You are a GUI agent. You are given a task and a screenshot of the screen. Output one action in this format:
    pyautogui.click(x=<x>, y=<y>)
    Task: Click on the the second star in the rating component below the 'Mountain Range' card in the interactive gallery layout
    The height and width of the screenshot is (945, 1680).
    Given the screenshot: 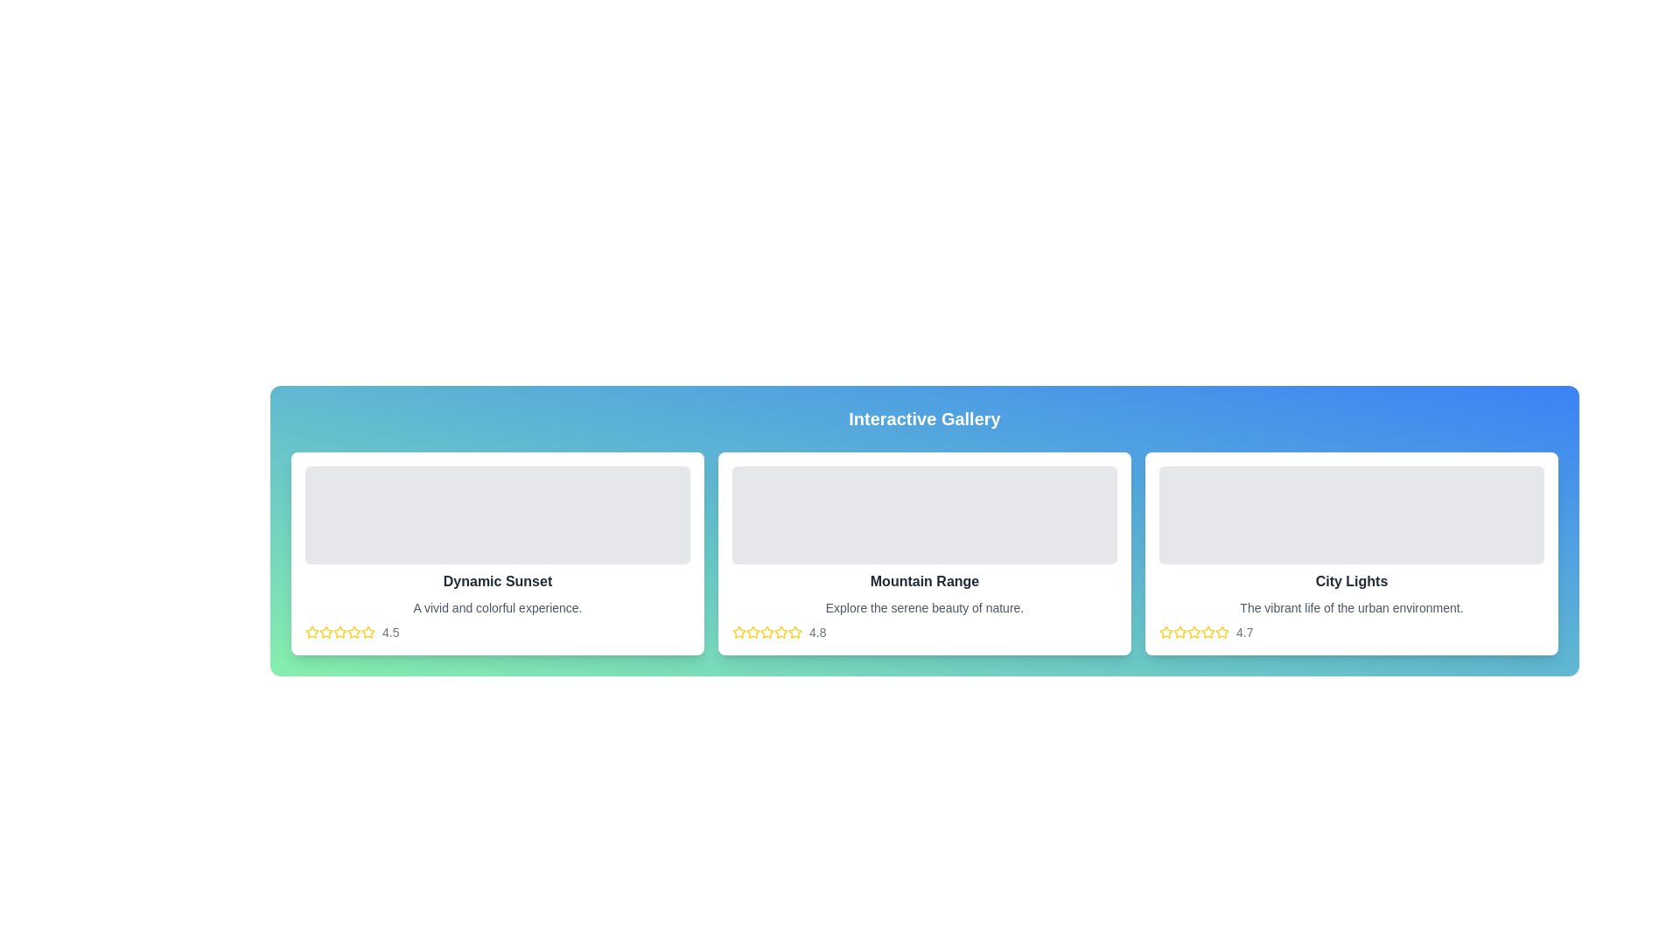 What is the action you would take?
    pyautogui.click(x=767, y=632)
    